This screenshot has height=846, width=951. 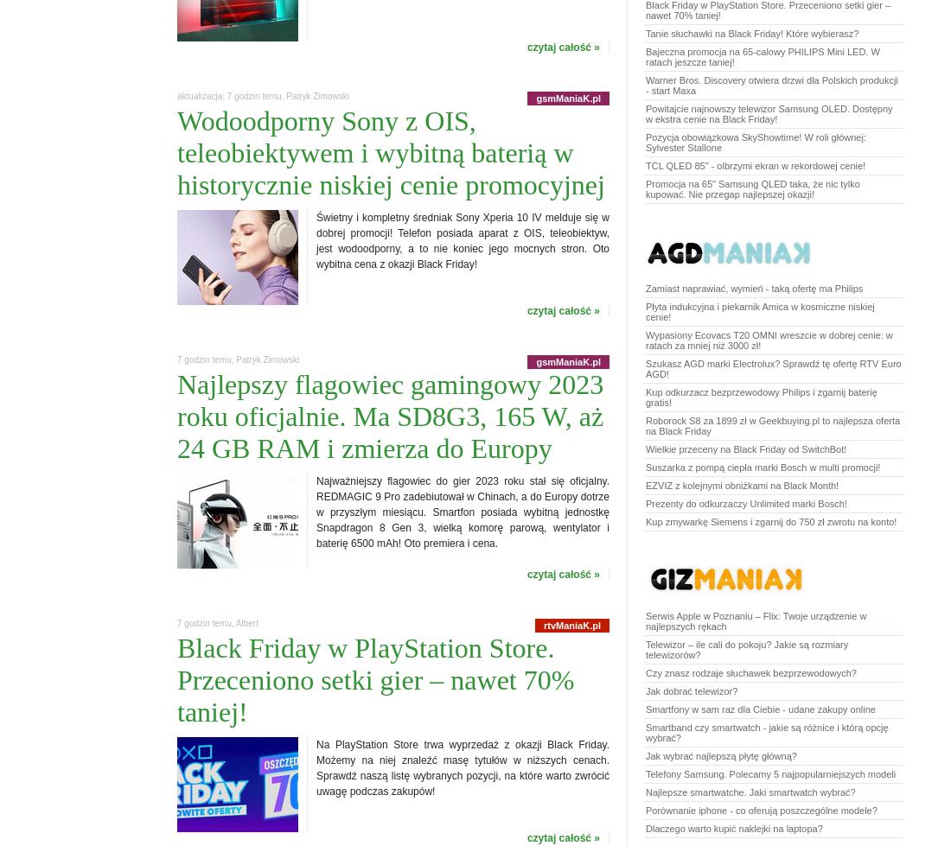 I want to click on 'Porównanie iphone - co oferują poszczególne modele?', so click(x=760, y=809).